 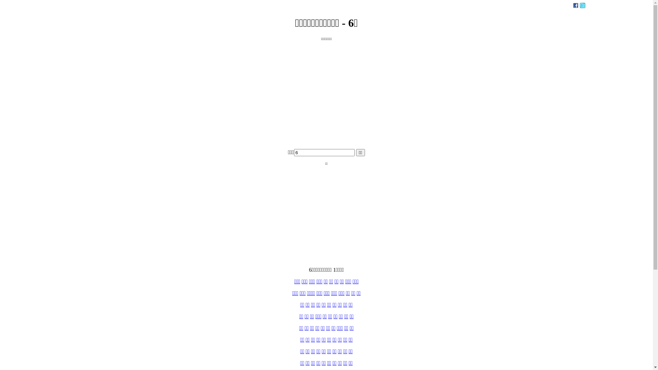 I want to click on 'Advertisement', so click(x=326, y=88).